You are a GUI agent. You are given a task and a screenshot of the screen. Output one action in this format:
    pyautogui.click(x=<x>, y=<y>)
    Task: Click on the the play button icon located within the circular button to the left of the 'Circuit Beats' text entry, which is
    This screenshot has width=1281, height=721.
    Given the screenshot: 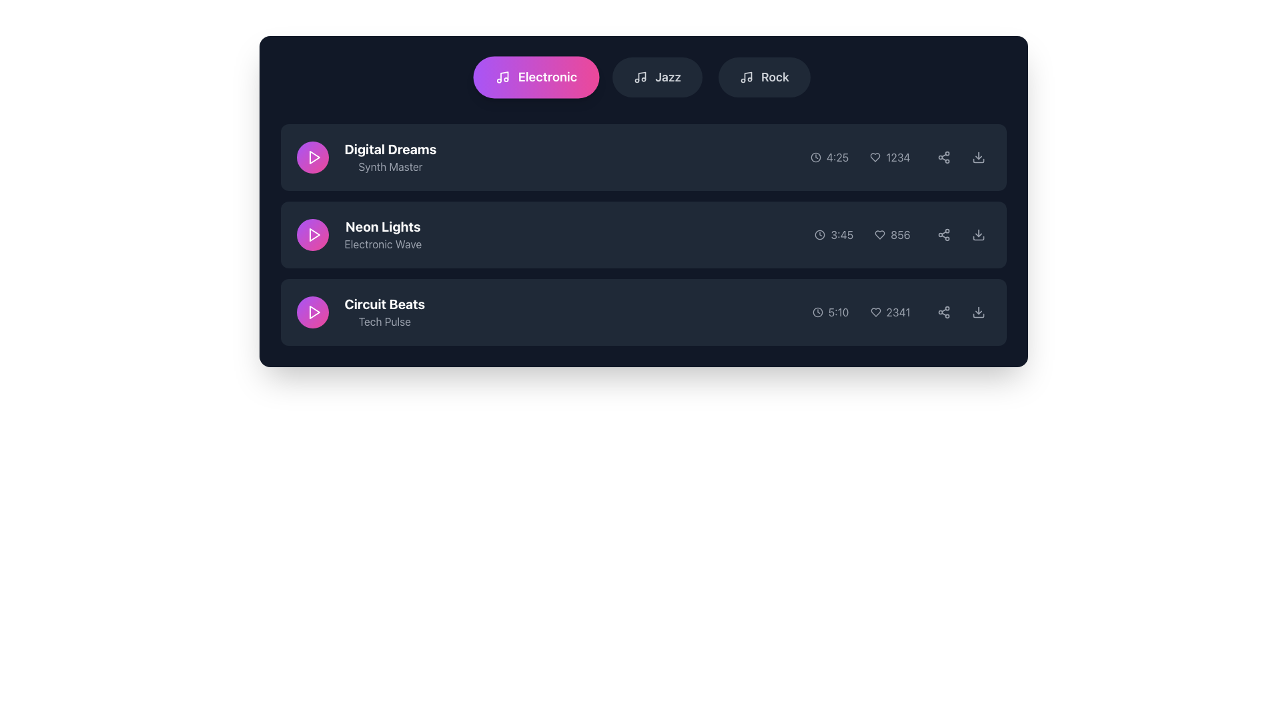 What is the action you would take?
    pyautogui.click(x=314, y=312)
    